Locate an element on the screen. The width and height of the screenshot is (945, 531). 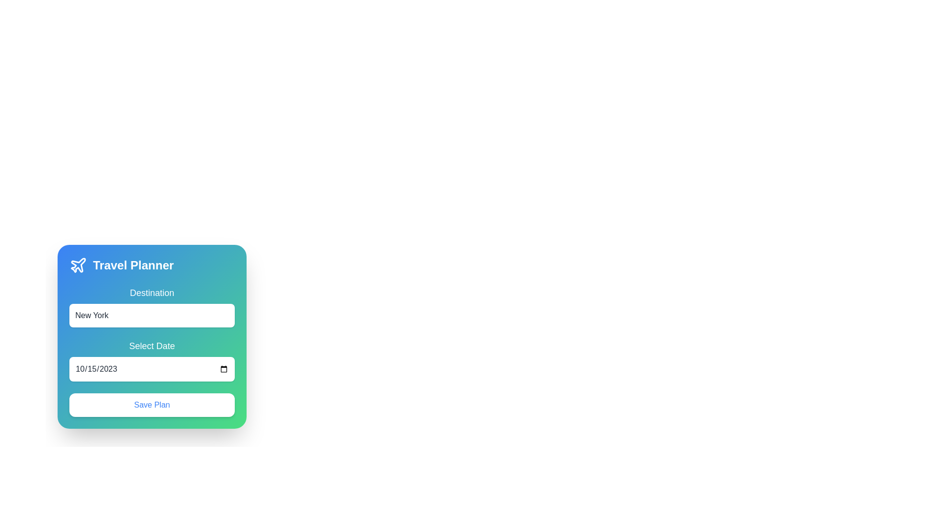
keyboard navigation is located at coordinates (151, 369).